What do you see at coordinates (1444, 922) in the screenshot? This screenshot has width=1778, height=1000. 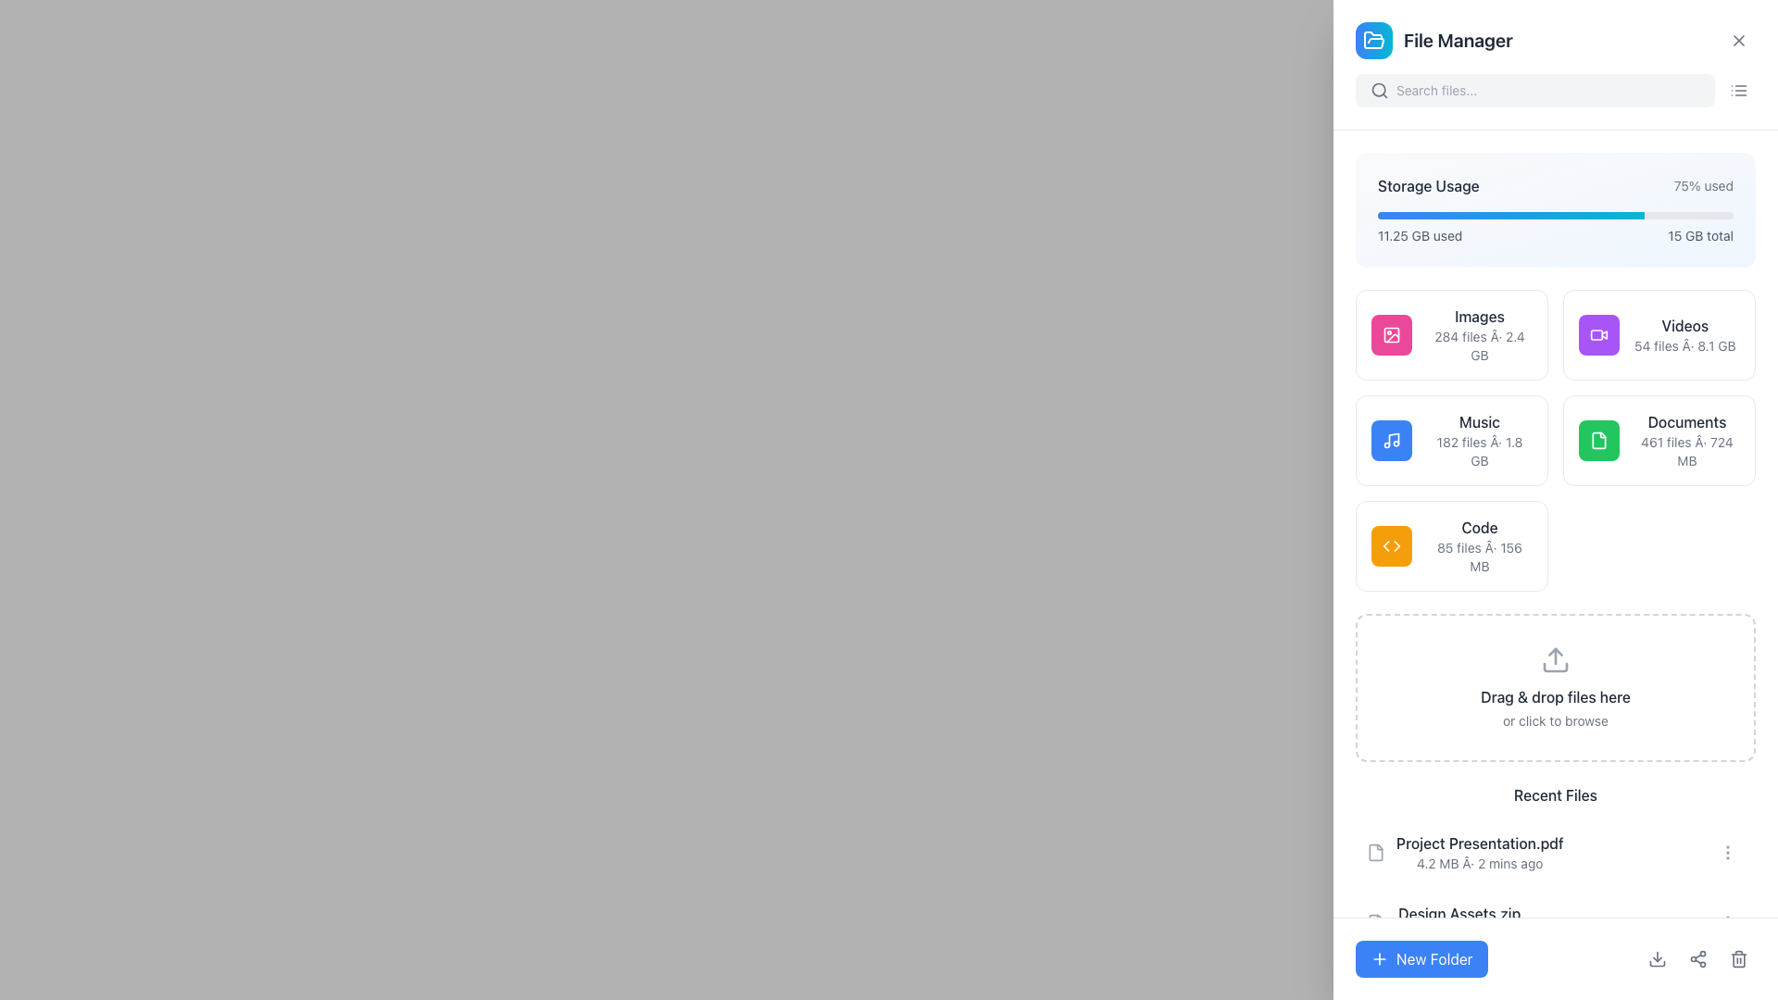 I see `on the file entry located in the Recent Files section below 'Project Presentation.pdf'` at bounding box center [1444, 922].